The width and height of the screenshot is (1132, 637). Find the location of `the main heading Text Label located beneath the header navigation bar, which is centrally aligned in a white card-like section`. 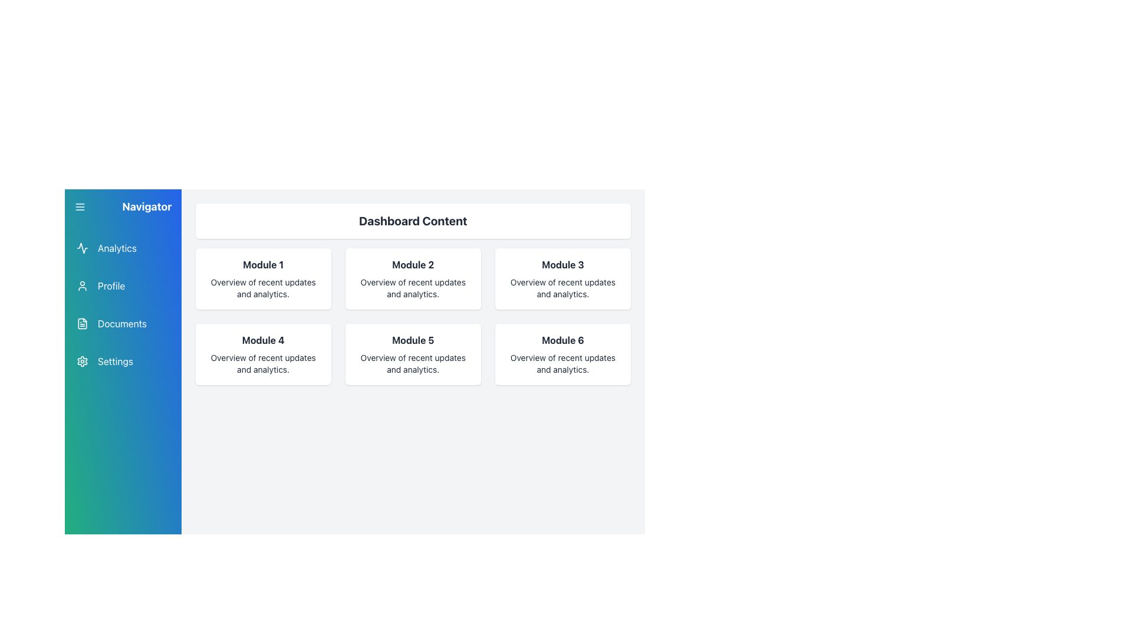

the main heading Text Label located beneath the header navigation bar, which is centrally aligned in a white card-like section is located at coordinates (413, 221).